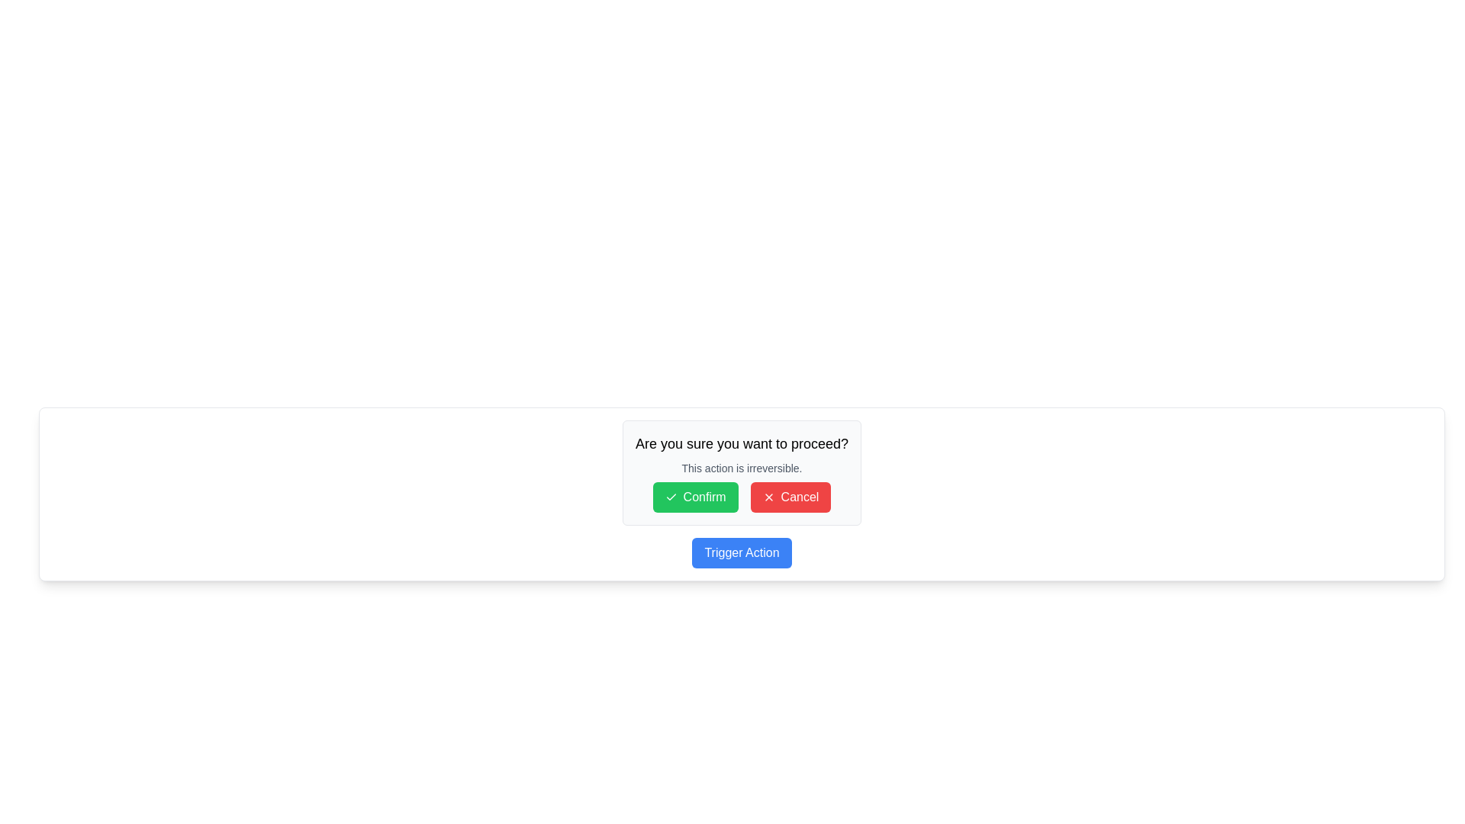 Image resolution: width=1465 pixels, height=824 pixels. Describe the element at coordinates (790, 497) in the screenshot. I see `the 'Cancel' button, which has a red background, white text, and a white 'x' icon on the left, located in the confirmation dialog to initiate the cancel action` at that location.